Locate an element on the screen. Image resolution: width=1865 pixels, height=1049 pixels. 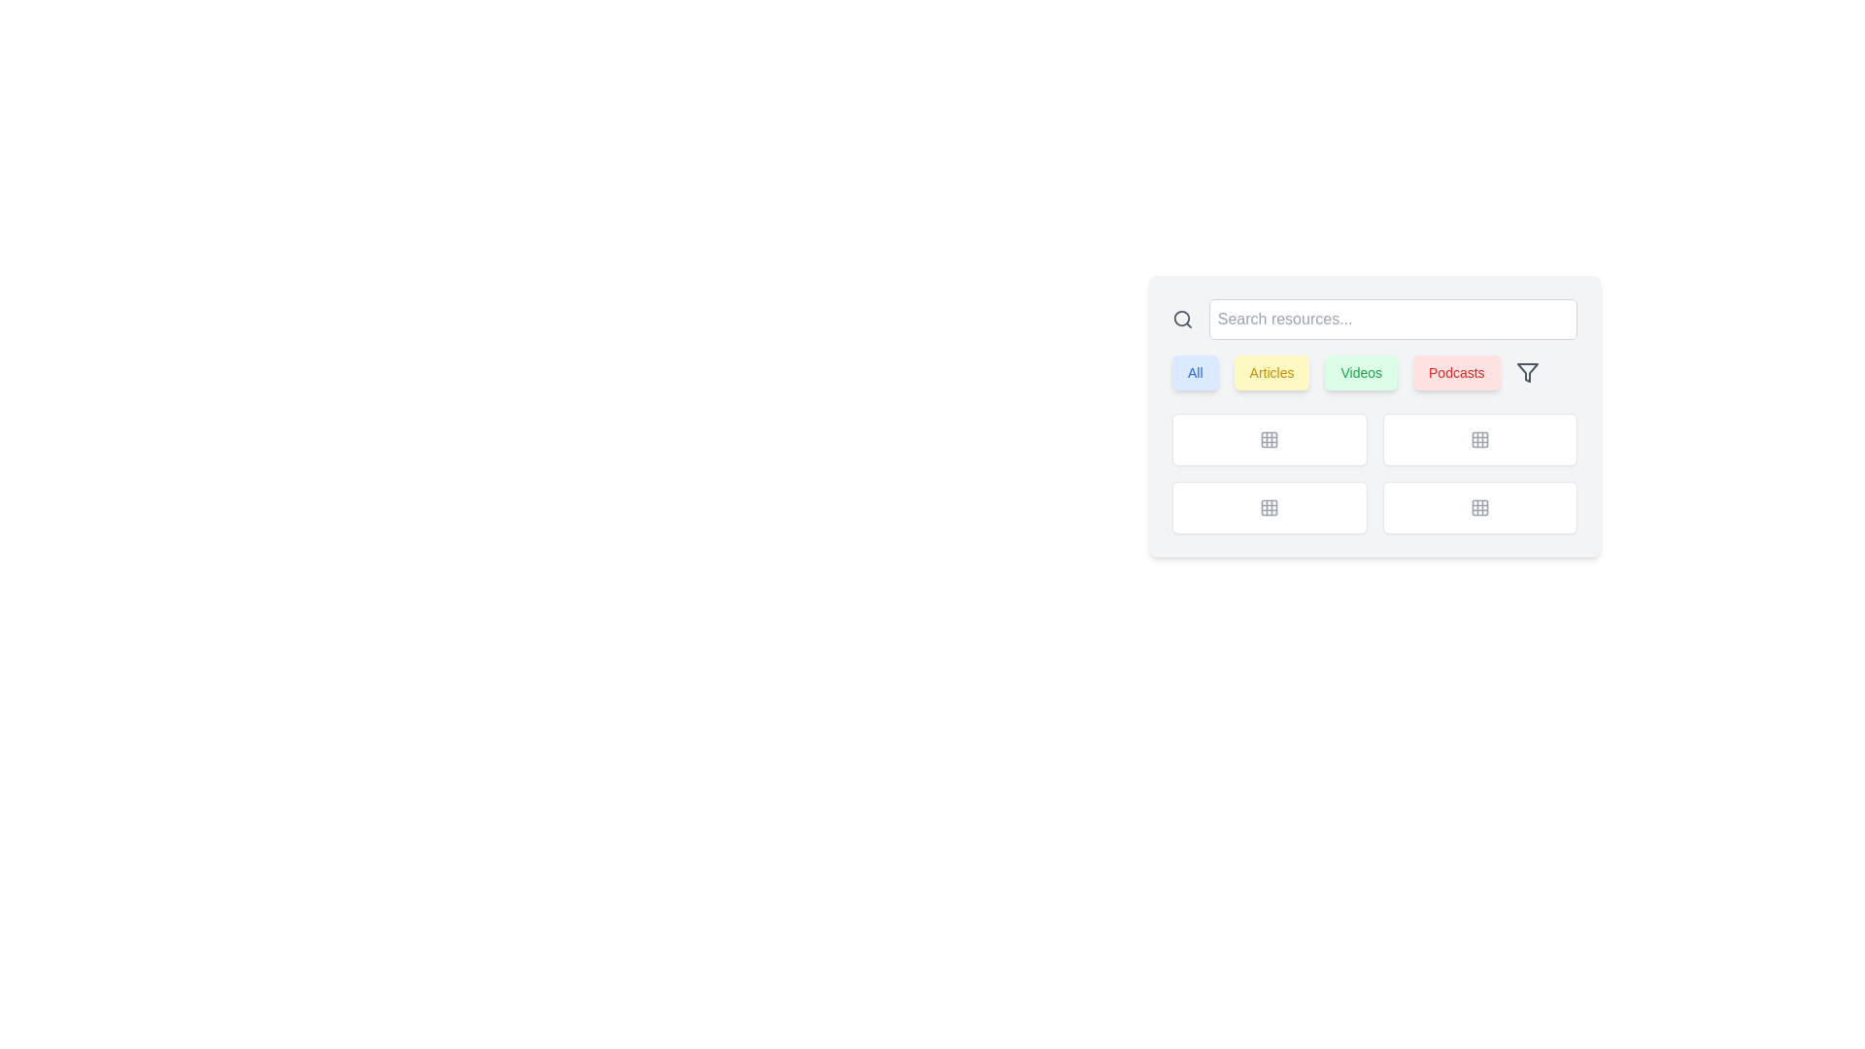
the triangular-shaped filter icon located in the top-right corner of the control panel is located at coordinates (1526, 373).